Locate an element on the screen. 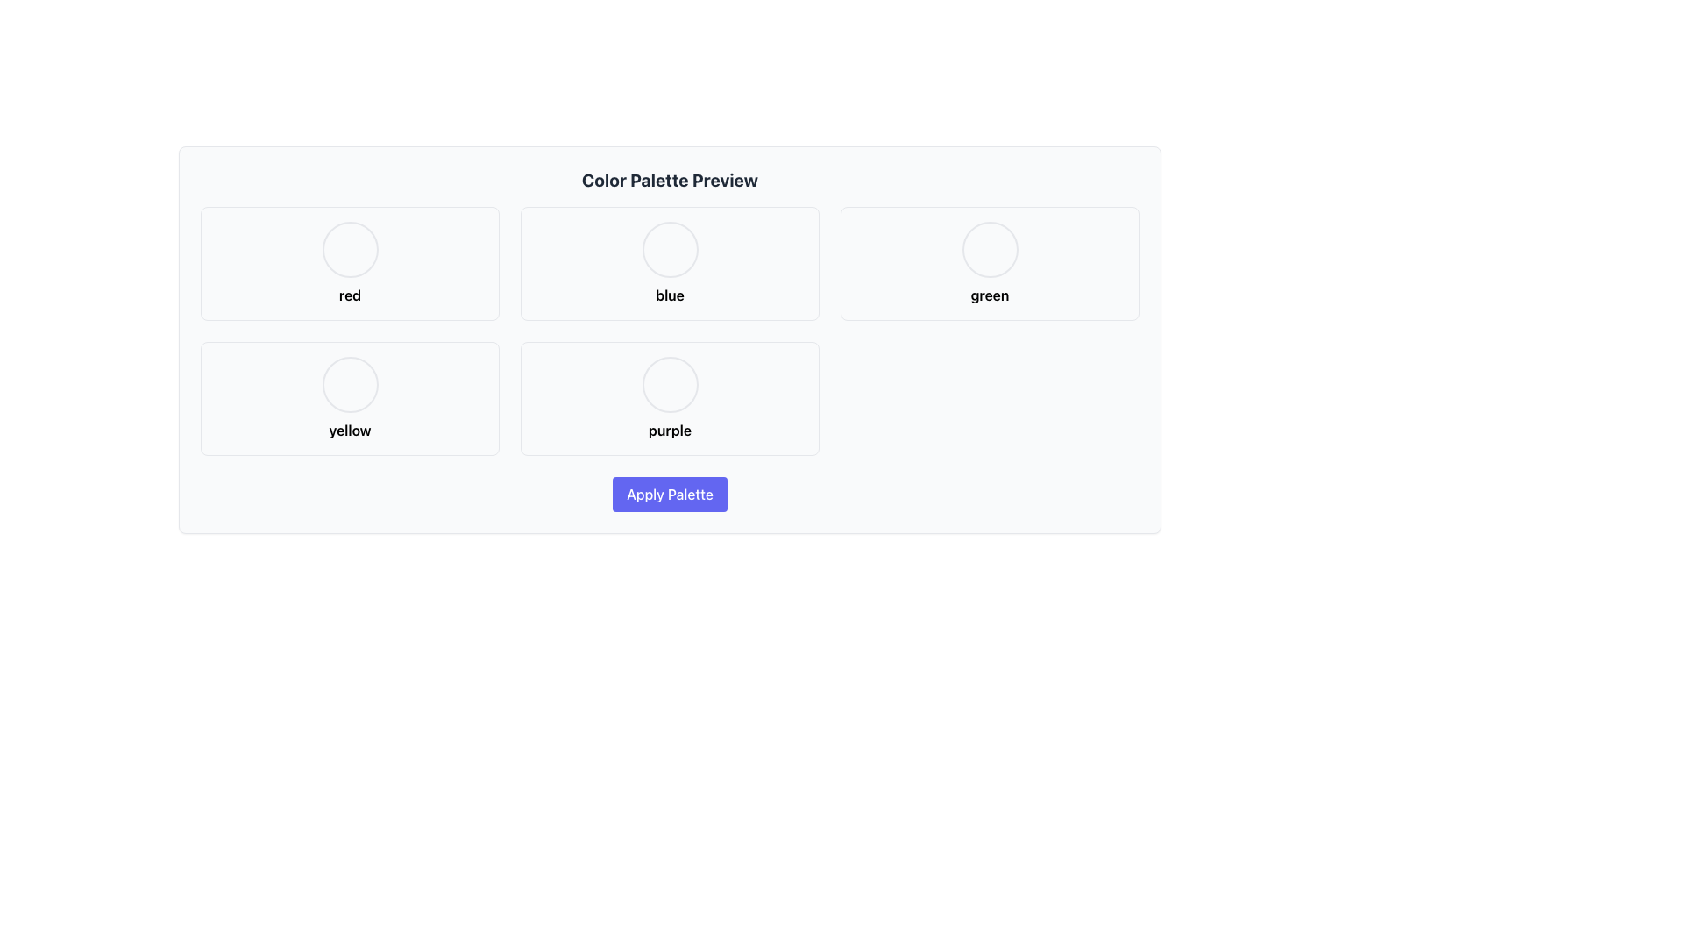  the yellow circular color selector in the Color Palette Preview section is located at coordinates (350, 384).